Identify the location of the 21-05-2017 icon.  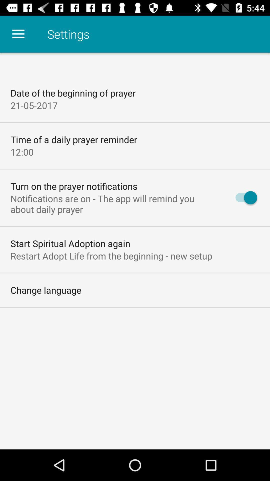
(34, 105).